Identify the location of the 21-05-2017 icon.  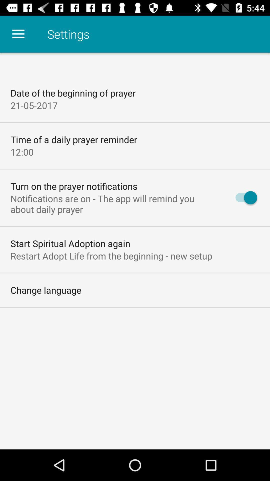
(34, 105).